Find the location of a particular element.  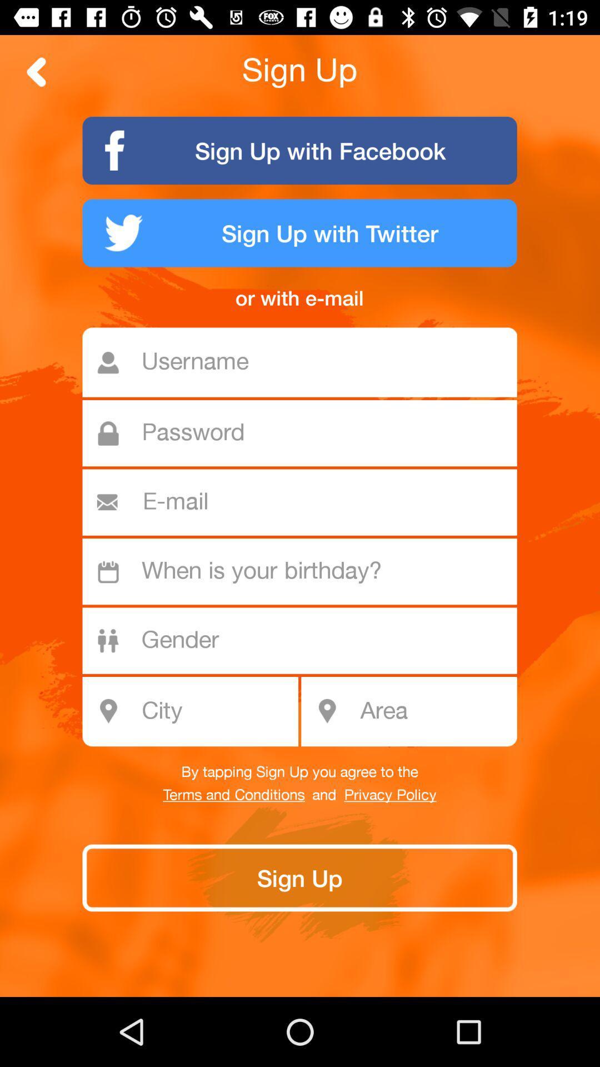

go back is located at coordinates (36, 71).